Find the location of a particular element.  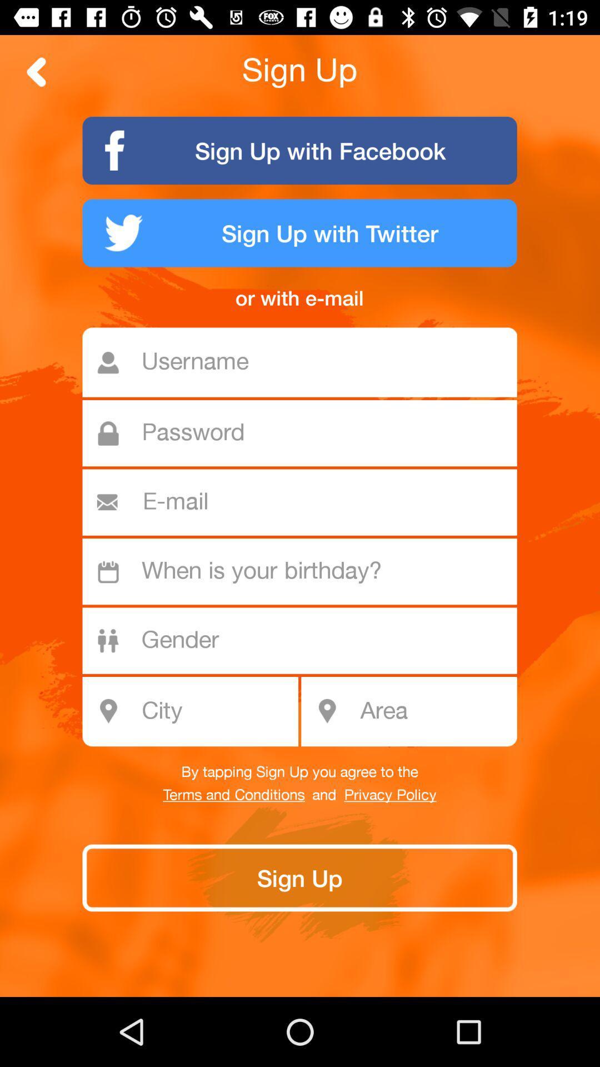

go back is located at coordinates (36, 71).